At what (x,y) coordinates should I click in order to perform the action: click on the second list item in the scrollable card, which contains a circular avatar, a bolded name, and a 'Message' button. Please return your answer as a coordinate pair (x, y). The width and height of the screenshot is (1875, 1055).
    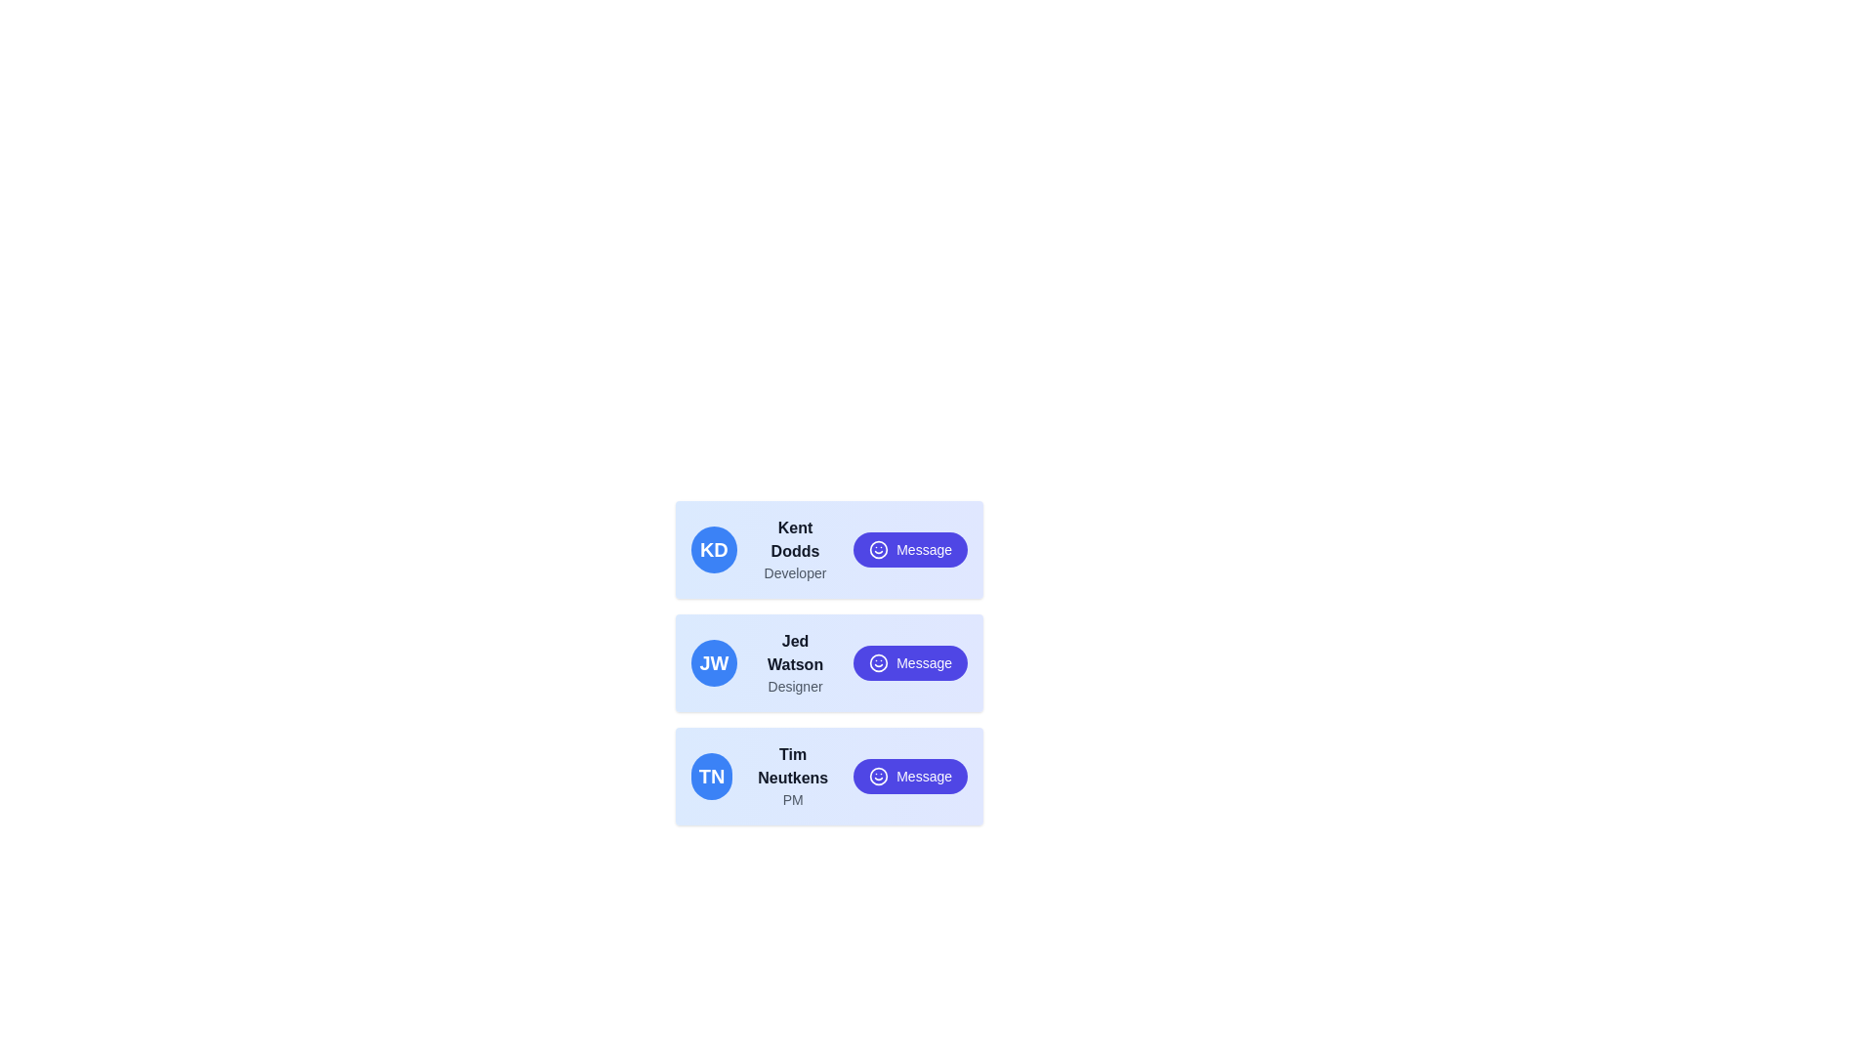
    Looking at the image, I should click on (829, 650).